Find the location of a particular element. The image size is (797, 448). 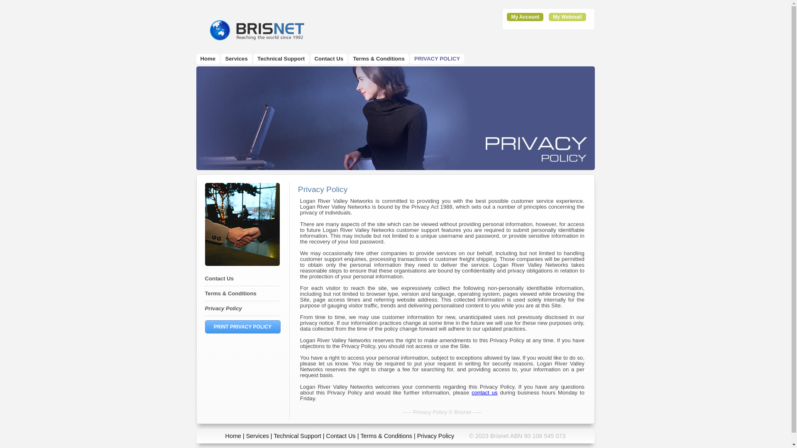

'Brisnet' is located at coordinates (256, 29).